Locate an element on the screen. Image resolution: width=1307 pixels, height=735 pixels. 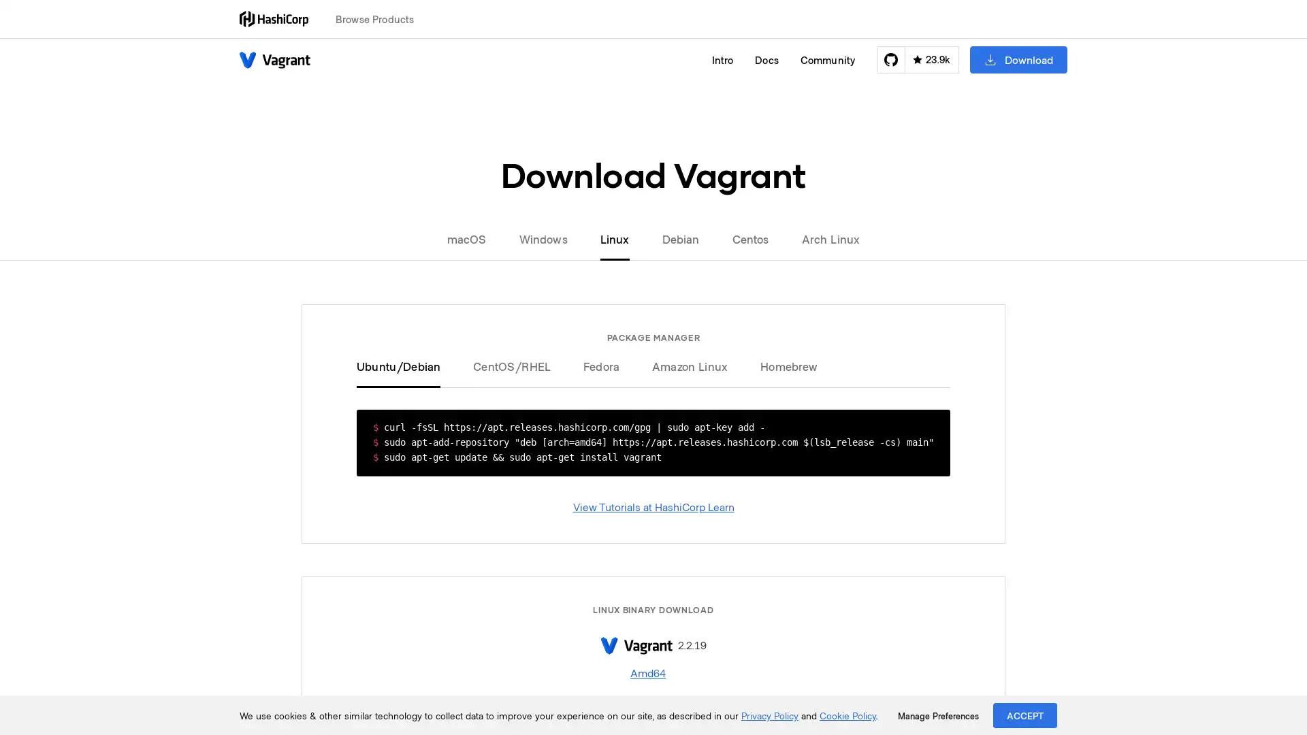
Centos is located at coordinates (749, 238).